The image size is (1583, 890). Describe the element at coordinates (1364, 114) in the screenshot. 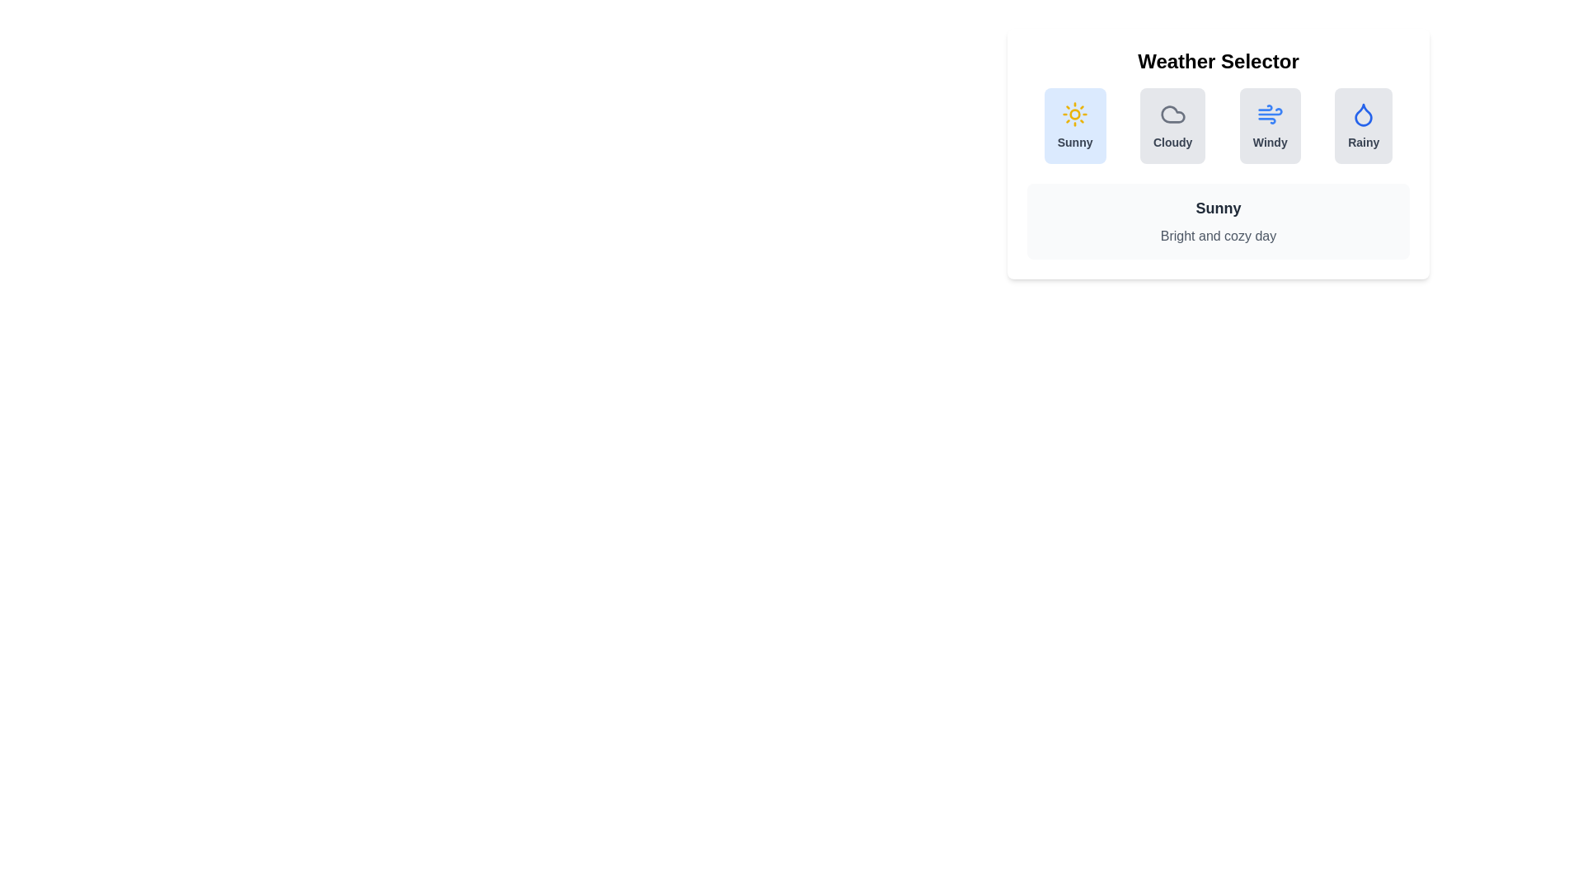

I see `the 'Rainy' weather icon, which is the fourth weather icon in the row below the 'Weather Selector' heading` at that location.